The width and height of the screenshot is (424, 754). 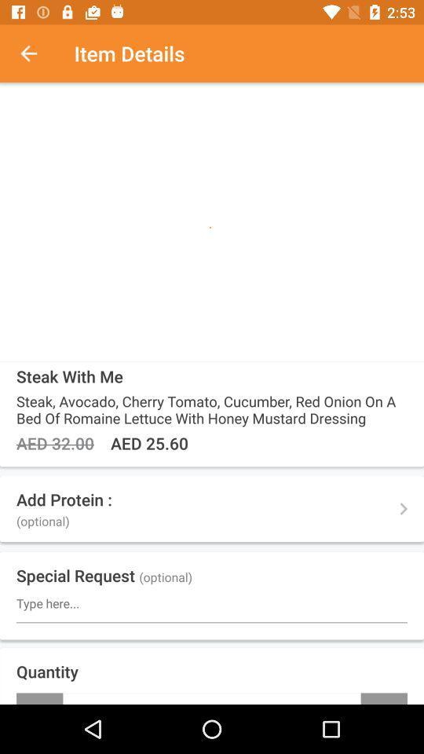 What do you see at coordinates (37, 53) in the screenshot?
I see `the item next to item details` at bounding box center [37, 53].